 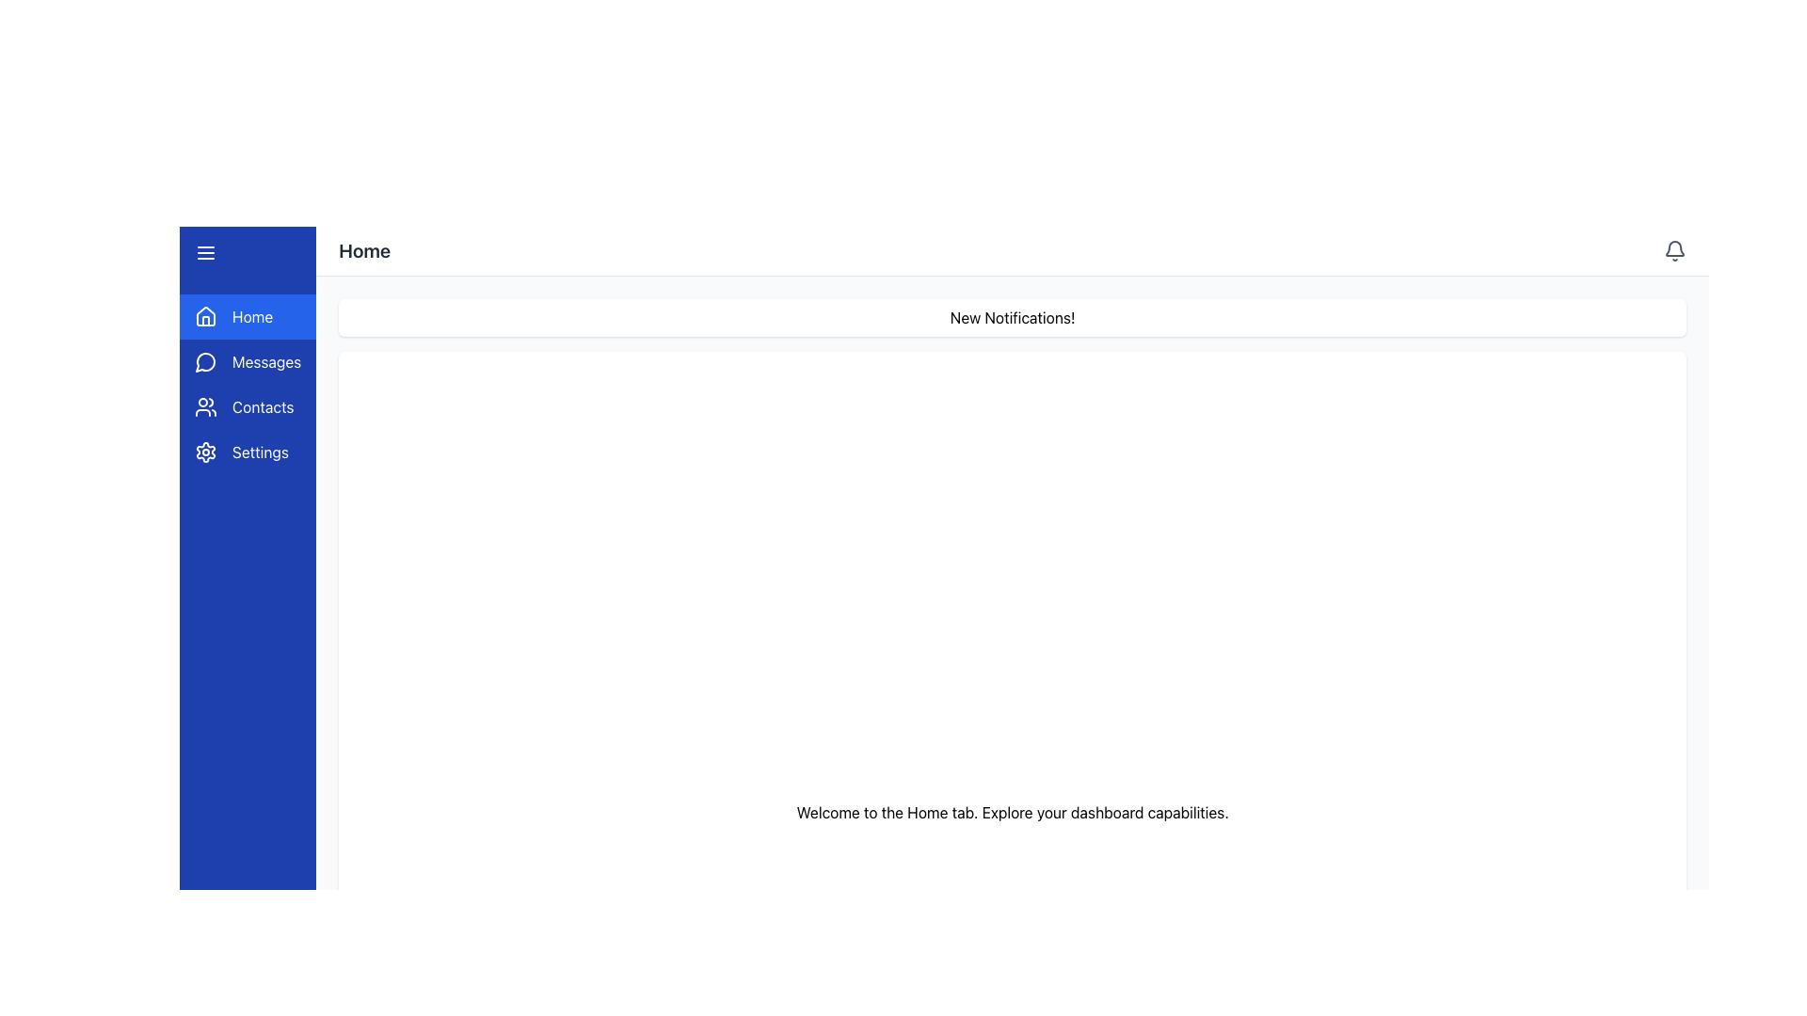 I want to click on the settings icon located in the left vertical sidebar, specifically the first element in the 'Settings' row, so click(x=206, y=452).